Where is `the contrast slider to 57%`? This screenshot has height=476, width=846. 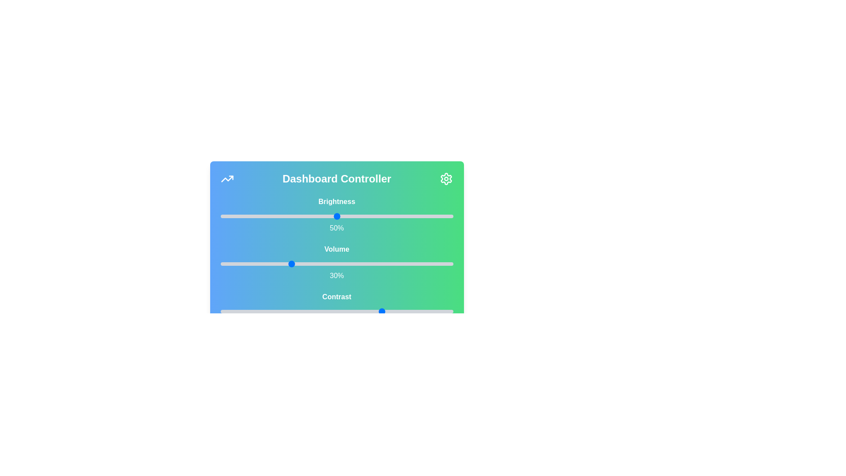 the contrast slider to 57% is located at coordinates (353, 311).